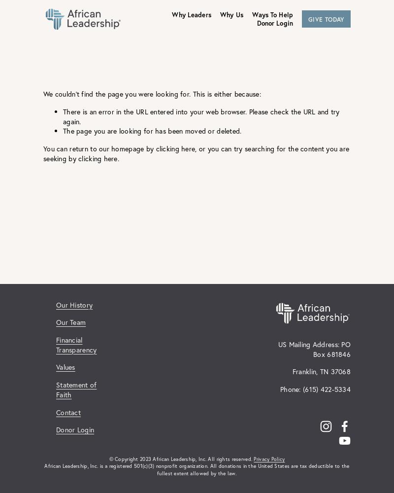  I want to click on 'Our History', so click(74, 304).